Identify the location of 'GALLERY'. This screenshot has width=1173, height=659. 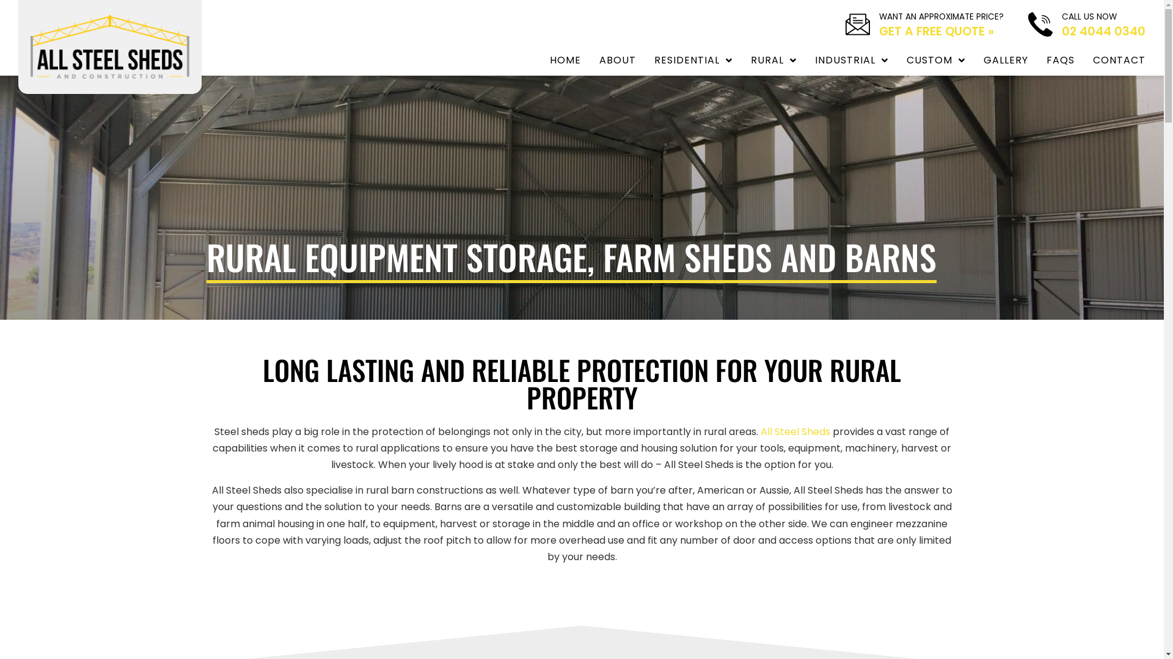
(1006, 60).